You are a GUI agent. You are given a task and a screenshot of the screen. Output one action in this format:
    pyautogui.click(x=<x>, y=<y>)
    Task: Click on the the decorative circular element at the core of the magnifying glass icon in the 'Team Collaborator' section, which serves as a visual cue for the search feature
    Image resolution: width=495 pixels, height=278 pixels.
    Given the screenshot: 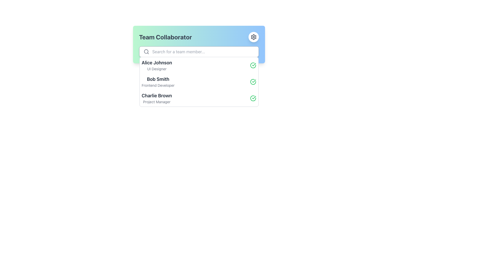 What is the action you would take?
    pyautogui.click(x=146, y=51)
    